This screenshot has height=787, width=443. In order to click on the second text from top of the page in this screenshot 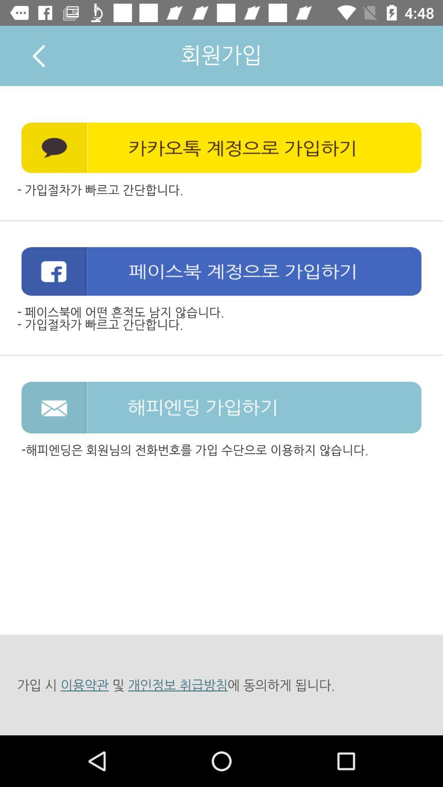, I will do `click(221, 148)`.